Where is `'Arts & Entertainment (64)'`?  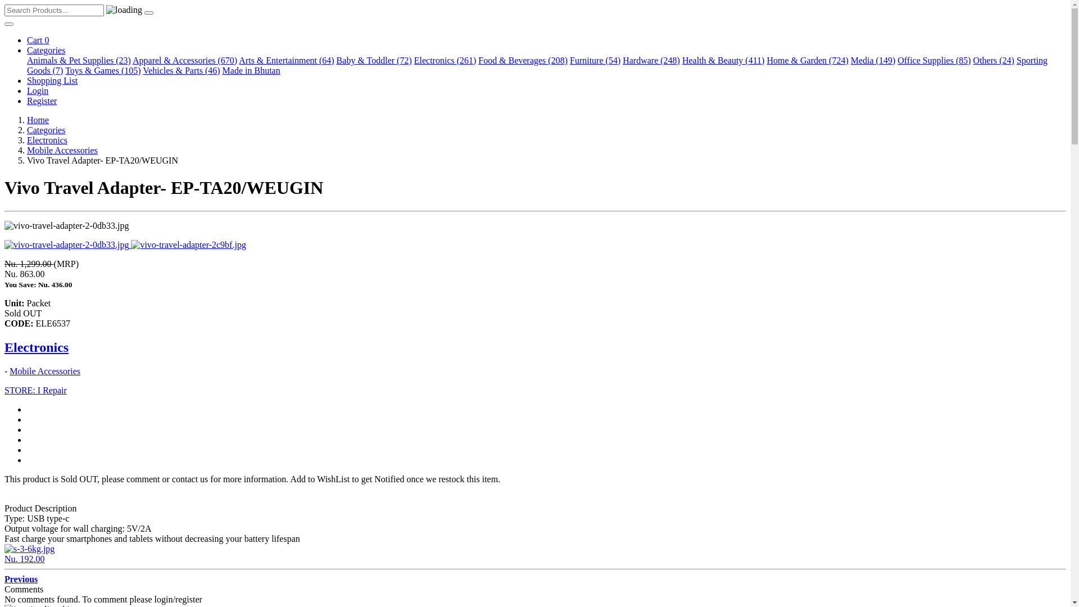 'Arts & Entertainment (64)' is located at coordinates (286, 60).